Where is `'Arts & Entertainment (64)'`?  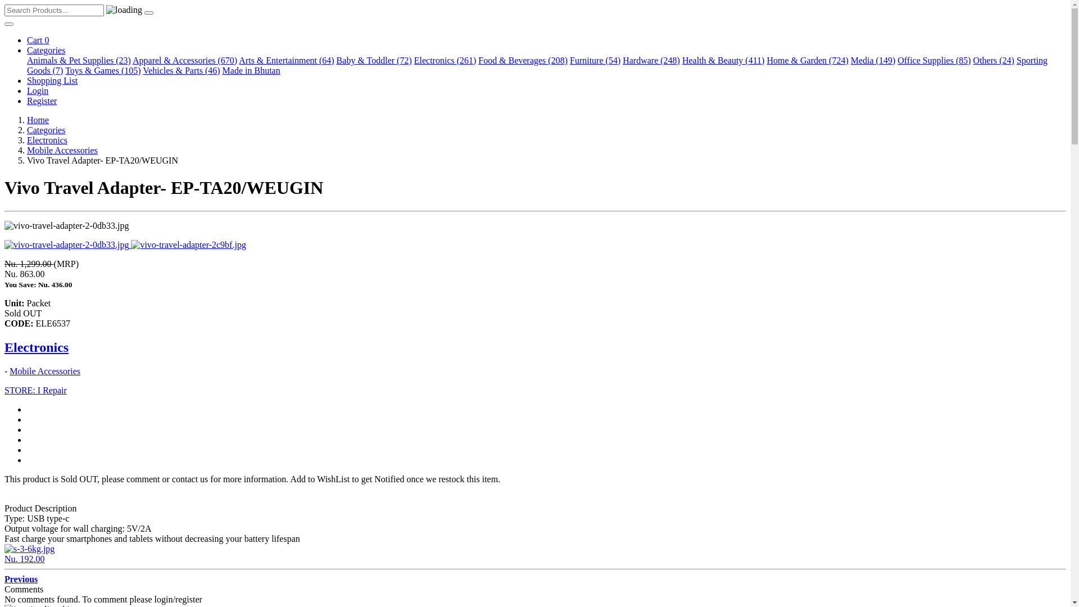 'Arts & Entertainment (64)' is located at coordinates (286, 60).